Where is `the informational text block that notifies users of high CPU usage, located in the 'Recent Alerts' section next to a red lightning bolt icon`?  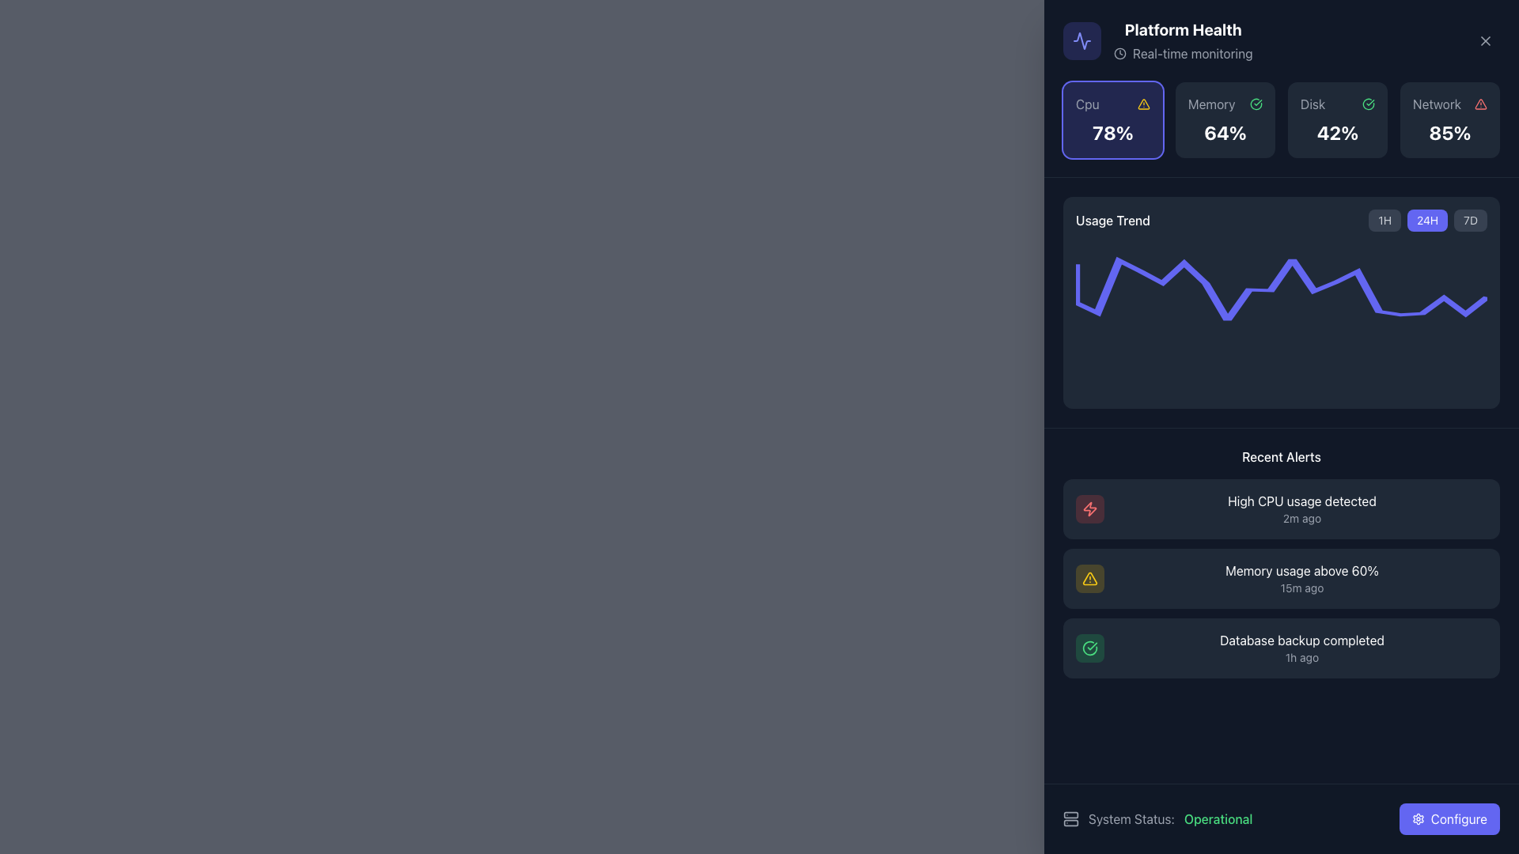
the informational text block that notifies users of high CPU usage, located in the 'Recent Alerts' section next to a red lightning bolt icon is located at coordinates (1302, 501).